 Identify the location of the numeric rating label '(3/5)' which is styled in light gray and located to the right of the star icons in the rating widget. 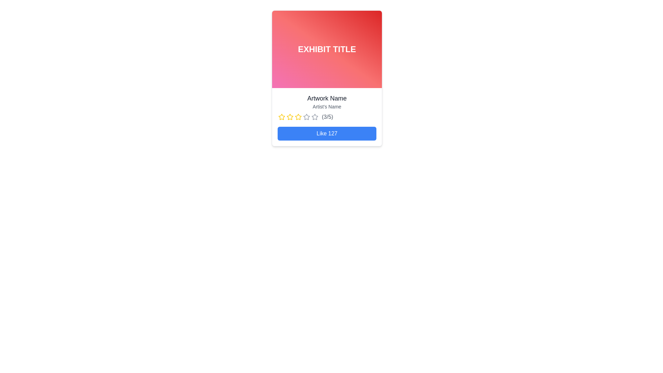
(326, 117).